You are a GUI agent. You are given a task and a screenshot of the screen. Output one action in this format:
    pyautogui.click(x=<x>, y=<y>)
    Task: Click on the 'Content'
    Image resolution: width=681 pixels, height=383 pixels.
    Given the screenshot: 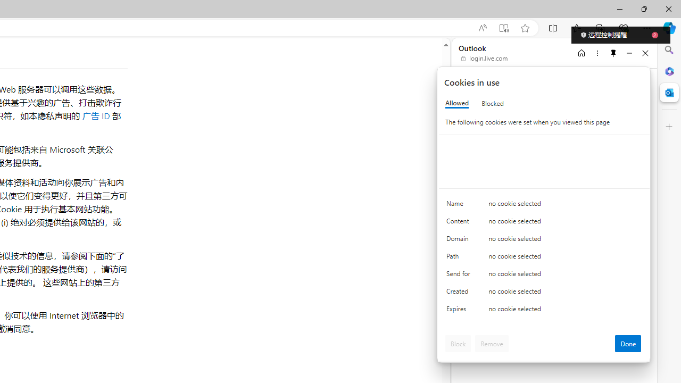 What is the action you would take?
    pyautogui.click(x=460, y=223)
    